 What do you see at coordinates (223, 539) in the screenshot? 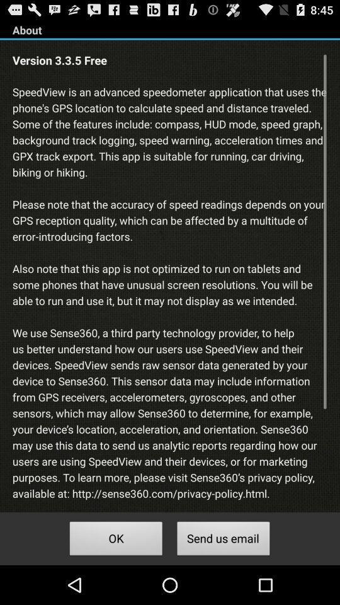
I see `send us email item` at bounding box center [223, 539].